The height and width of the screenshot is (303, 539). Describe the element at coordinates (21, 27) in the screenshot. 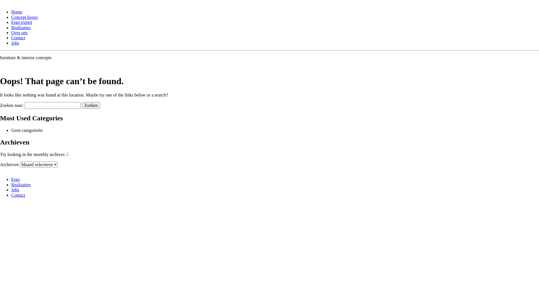

I see `'Realisaties'` at that location.